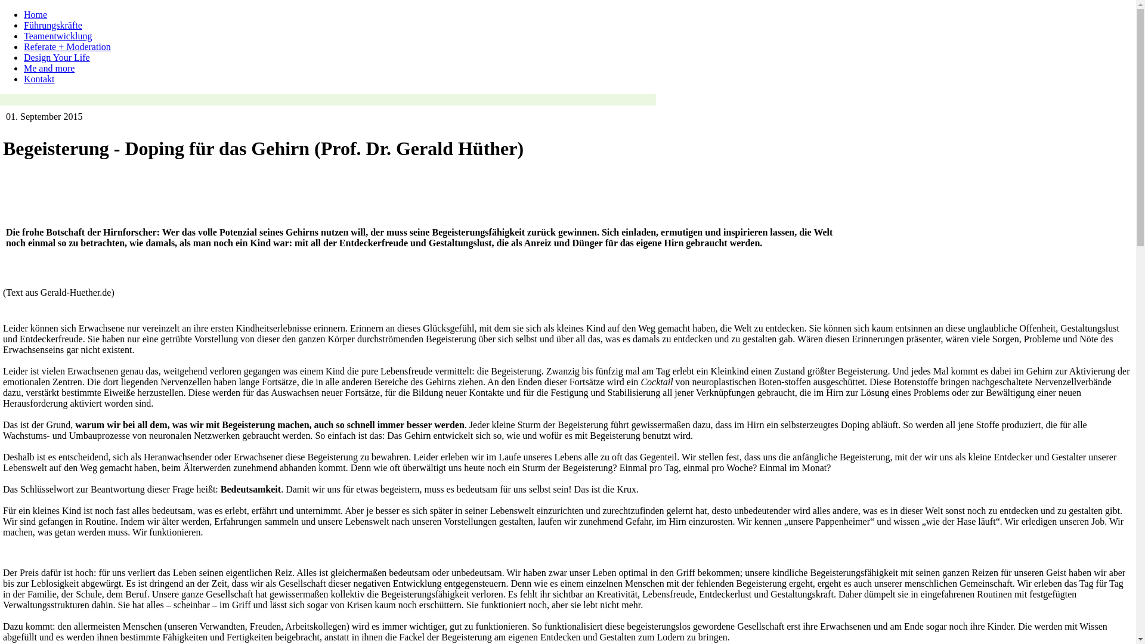 This screenshot has height=644, width=1145. What do you see at coordinates (48, 68) in the screenshot?
I see `'Me and more'` at bounding box center [48, 68].